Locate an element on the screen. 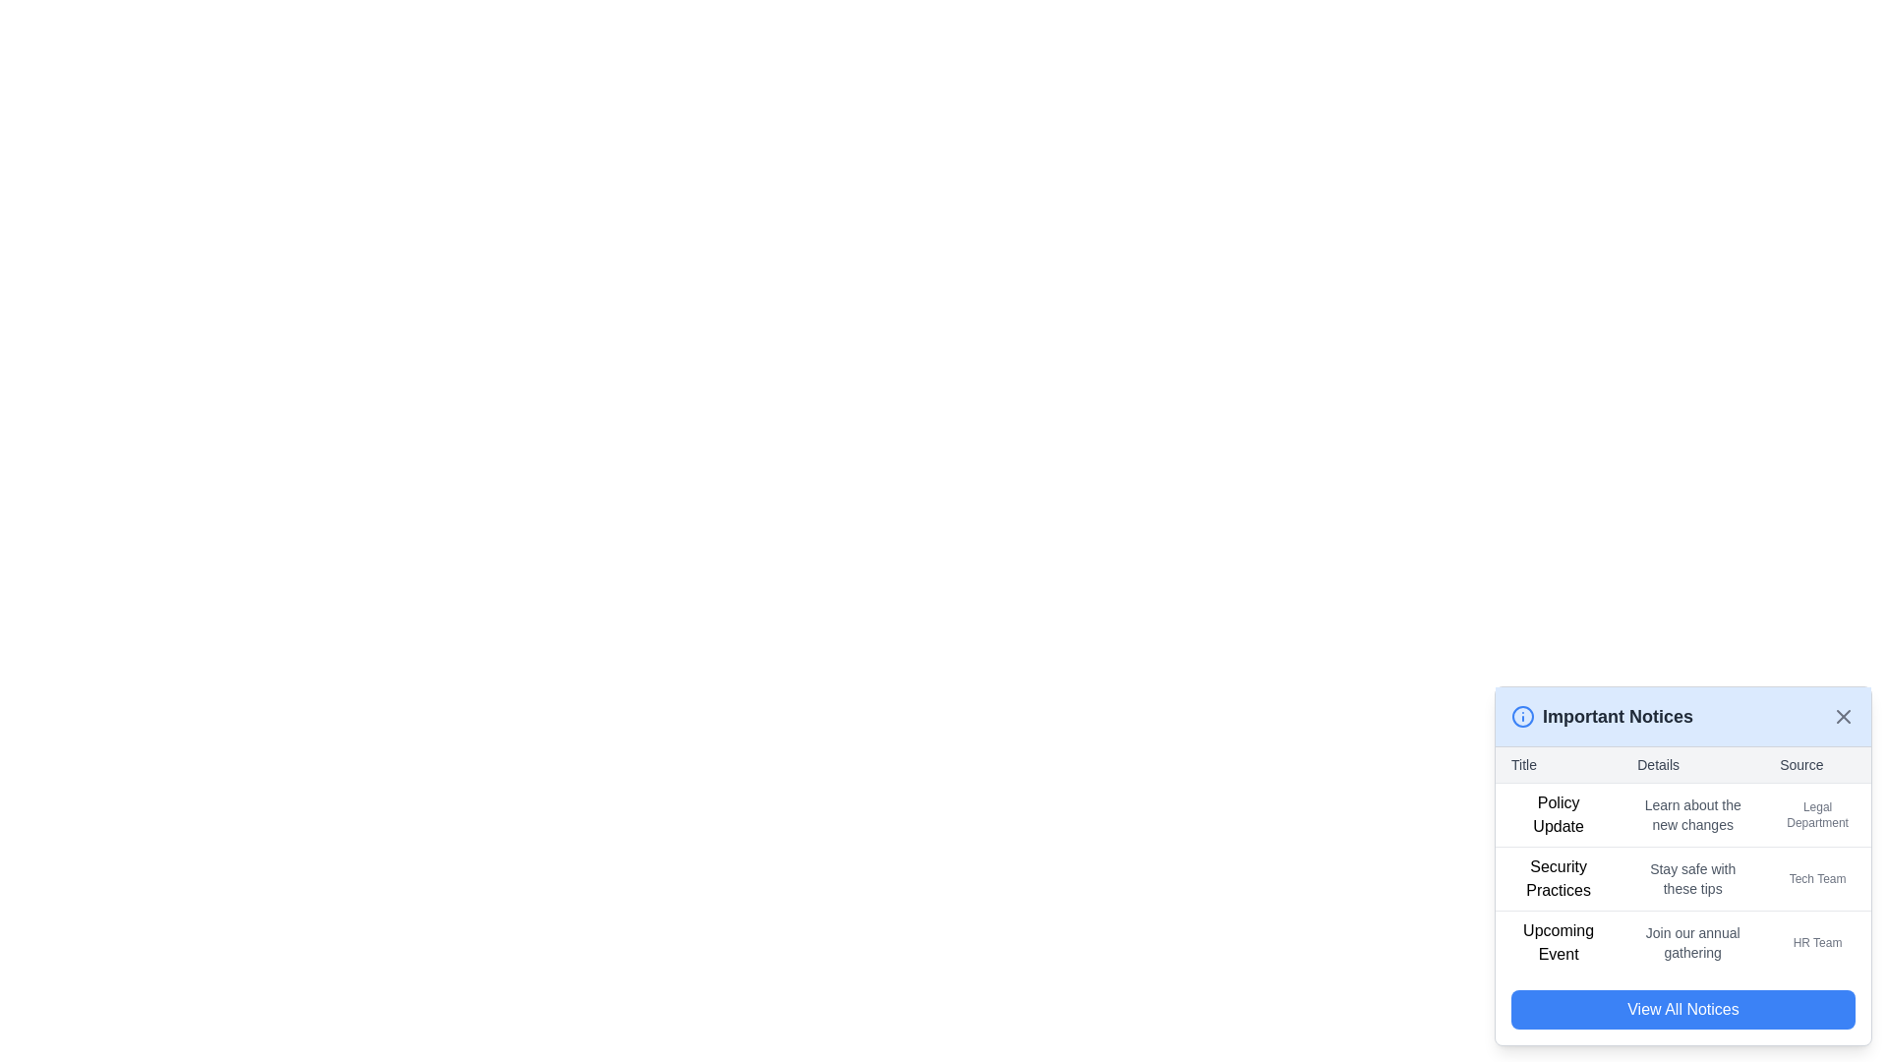  the SVG Icon that indicates the importance of the notices listed in the section, located to the far left of the 'Important Notices' header section, slightly above other textual content is located at coordinates (1522, 717).